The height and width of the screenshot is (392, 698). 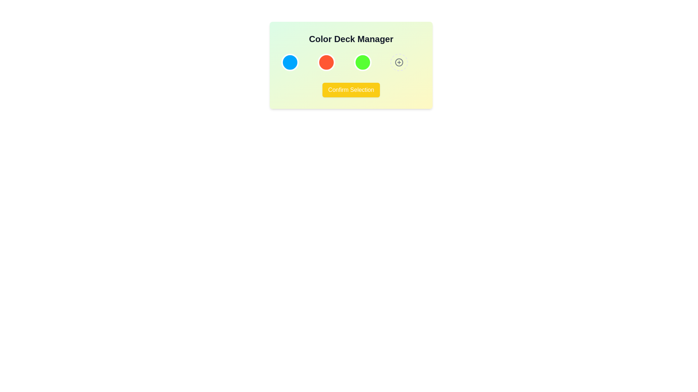 What do you see at coordinates (363, 62) in the screenshot?
I see `the third circular selectable color option located under the 'Color Deck Manager' title` at bounding box center [363, 62].